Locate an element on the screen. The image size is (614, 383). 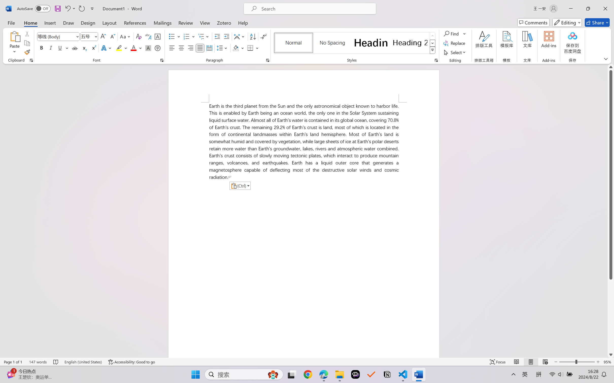
'Decrease Indent' is located at coordinates (217, 36).